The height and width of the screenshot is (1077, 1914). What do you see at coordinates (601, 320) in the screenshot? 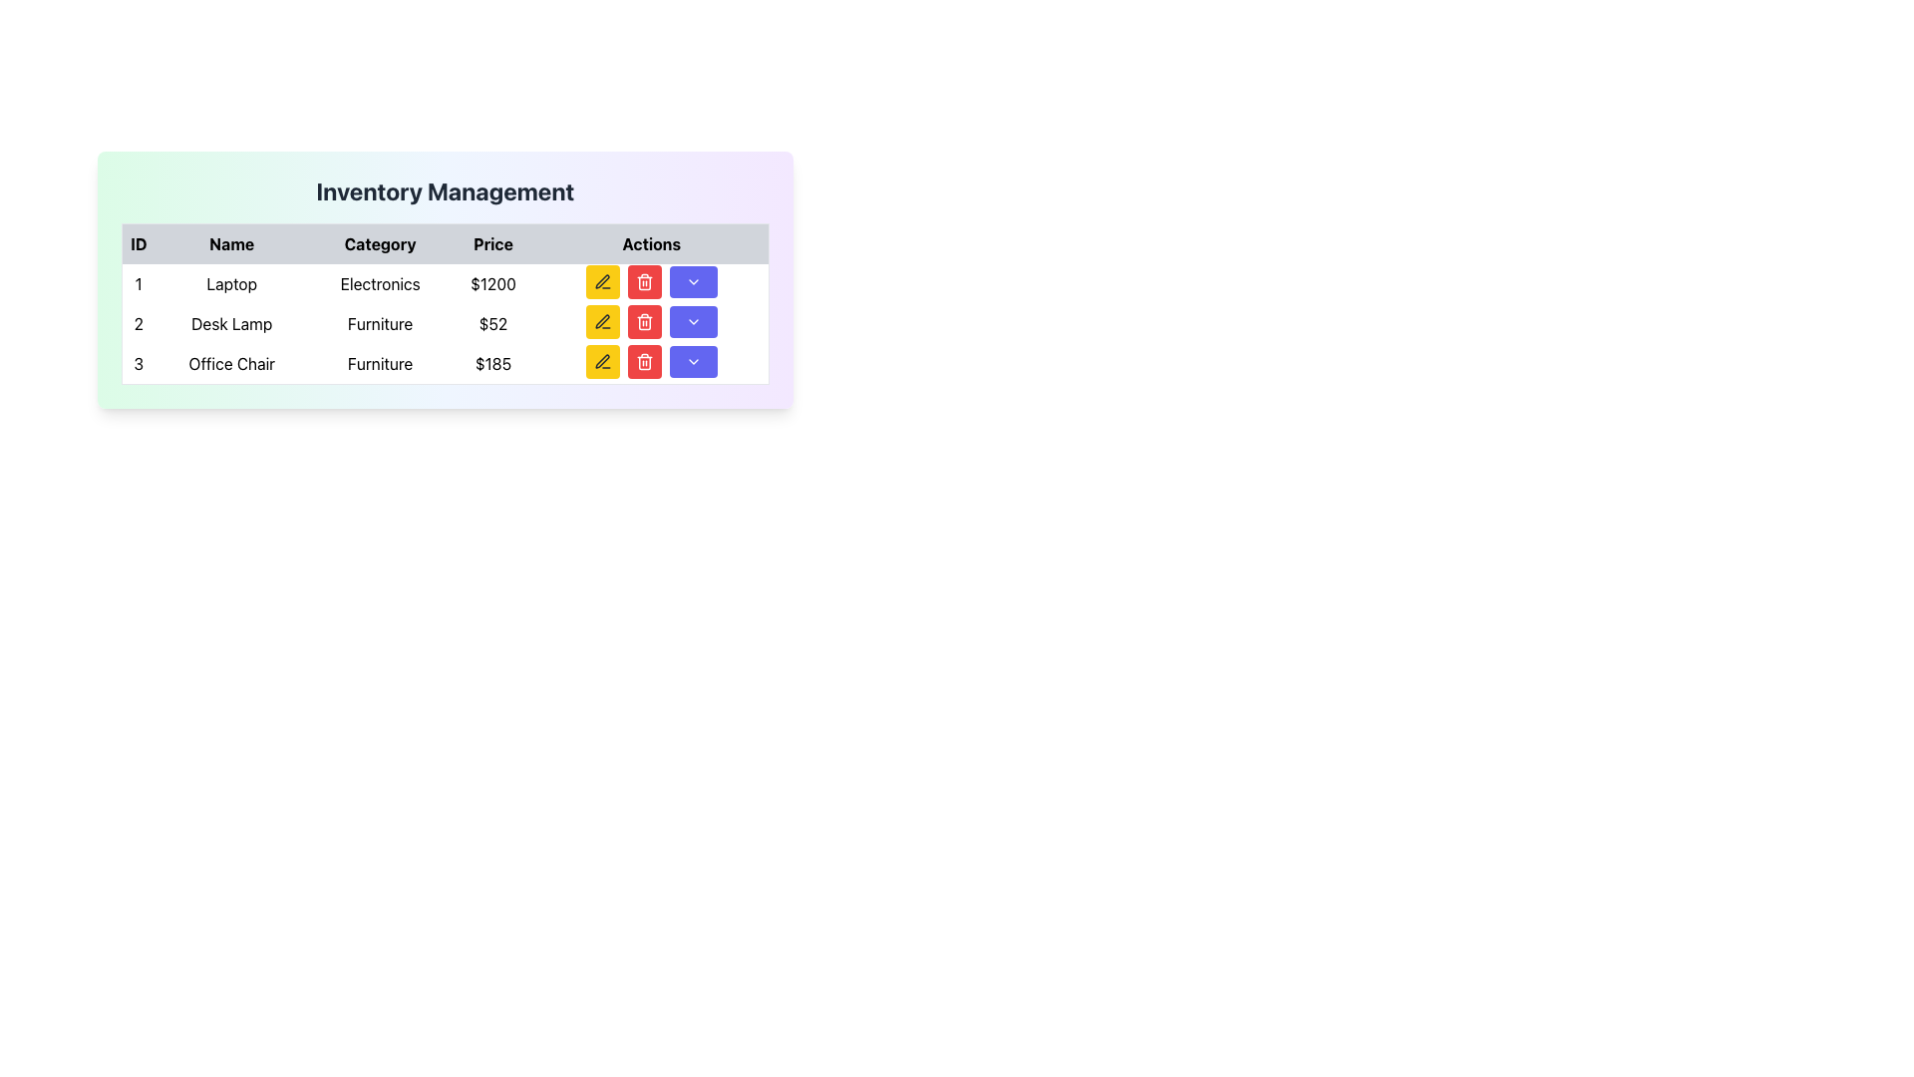
I see `the edit icon button located in the 'Actions' column, second row, aligned with the 'Desk Lamp' entry to initiate the editing process` at bounding box center [601, 320].